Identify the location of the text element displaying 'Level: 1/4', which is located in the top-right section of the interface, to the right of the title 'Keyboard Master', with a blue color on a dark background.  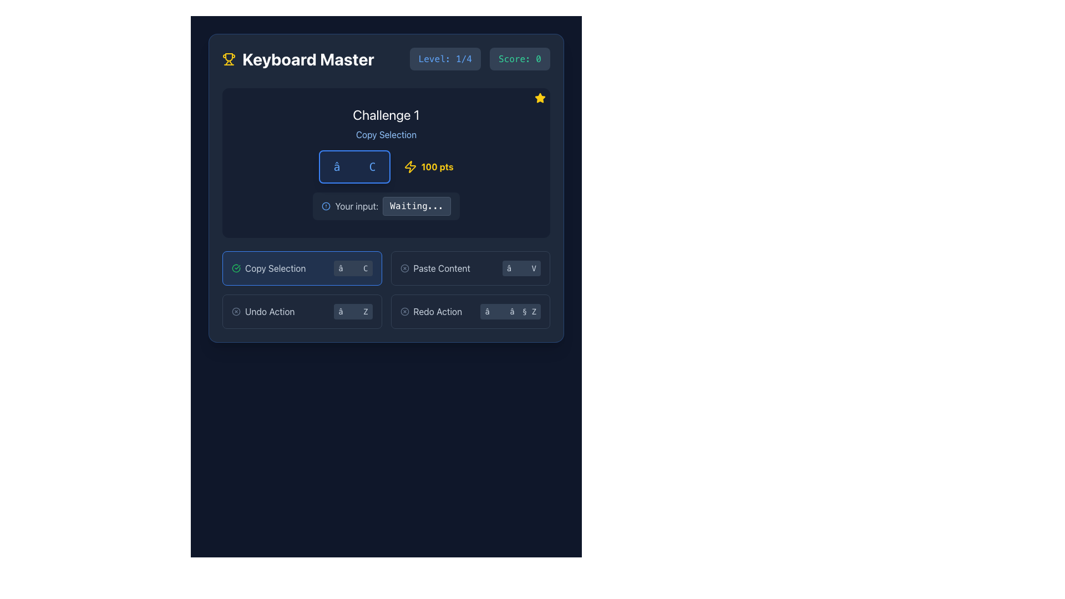
(445, 59).